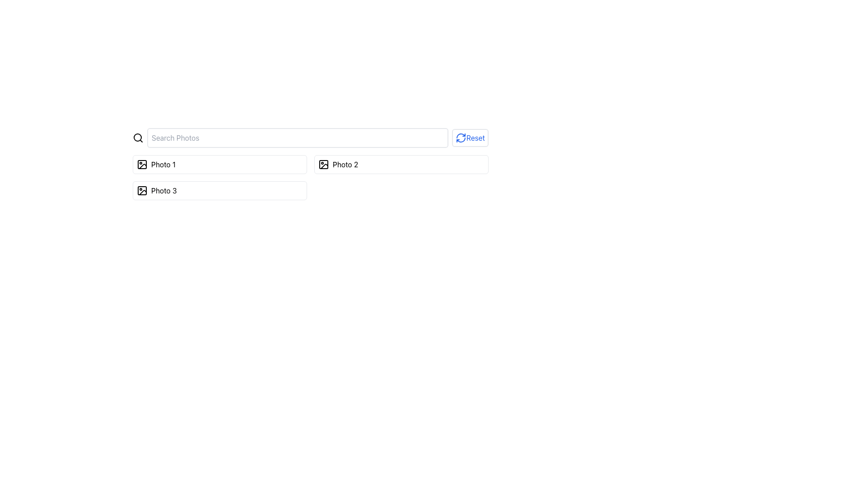  Describe the element at coordinates (219, 190) in the screenshot. I see `the 'Photo 3' button, which is the third card in a vertically-stacked grid of three cards labeled 'Photo 1', 'Photo 2', and 'Photo 3'` at that location.